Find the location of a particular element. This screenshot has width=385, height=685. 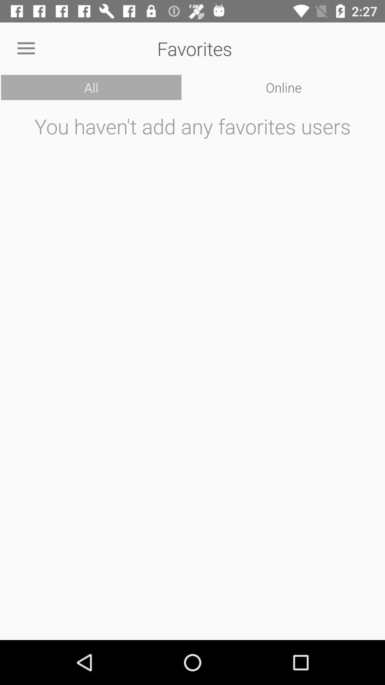

the icon to the right of all icon is located at coordinates (283, 87).